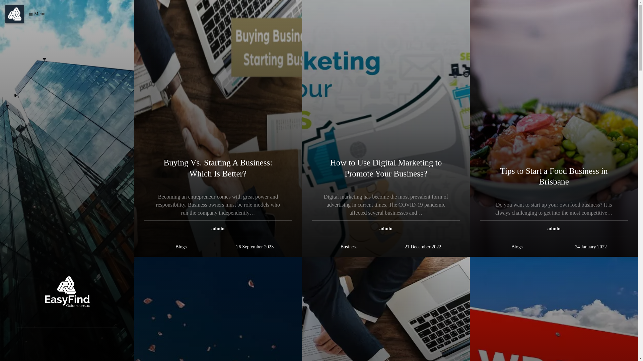  Describe the element at coordinates (218, 228) in the screenshot. I see `'admin'` at that location.